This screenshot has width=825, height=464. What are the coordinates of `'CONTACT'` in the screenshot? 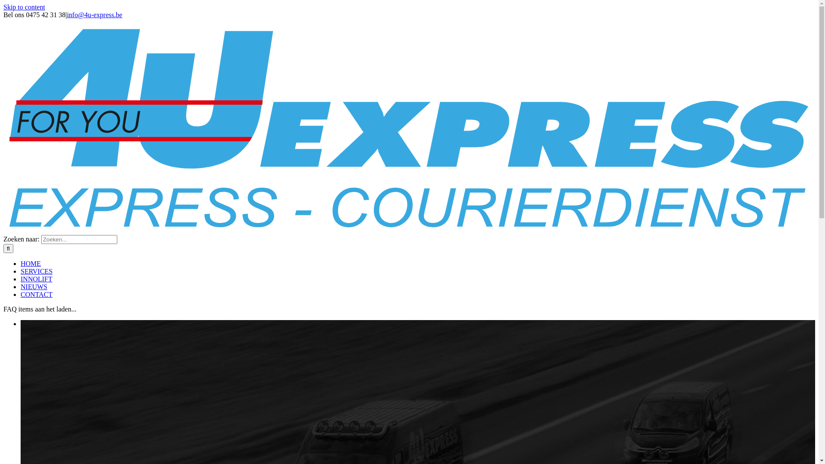 It's located at (36, 294).